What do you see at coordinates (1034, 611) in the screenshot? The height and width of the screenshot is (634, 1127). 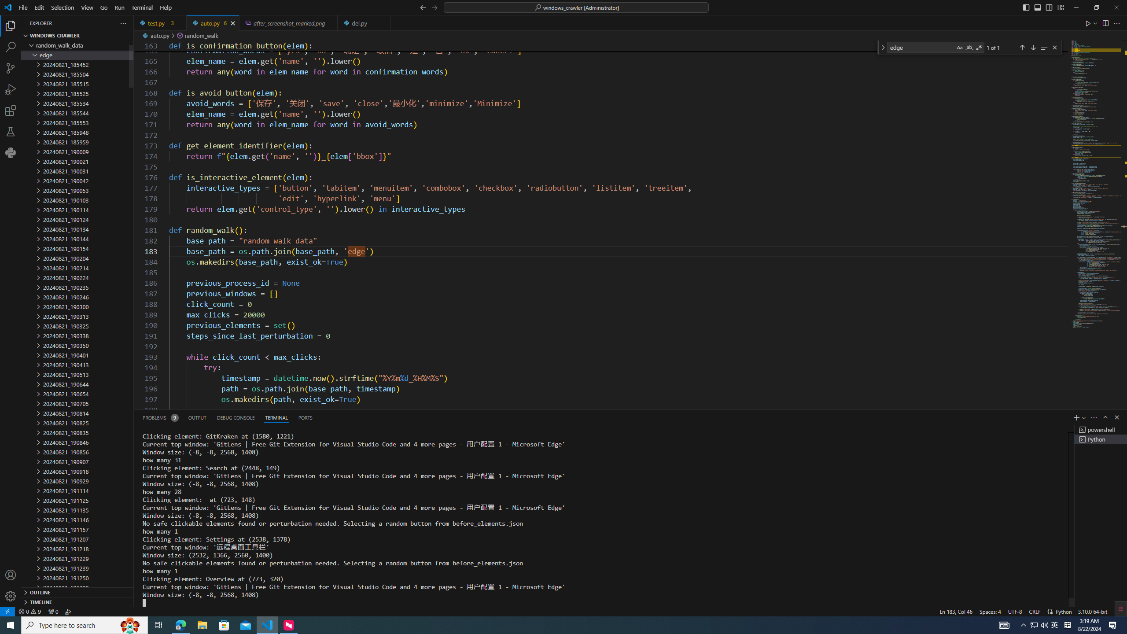 I see `'CRLF'` at bounding box center [1034, 611].